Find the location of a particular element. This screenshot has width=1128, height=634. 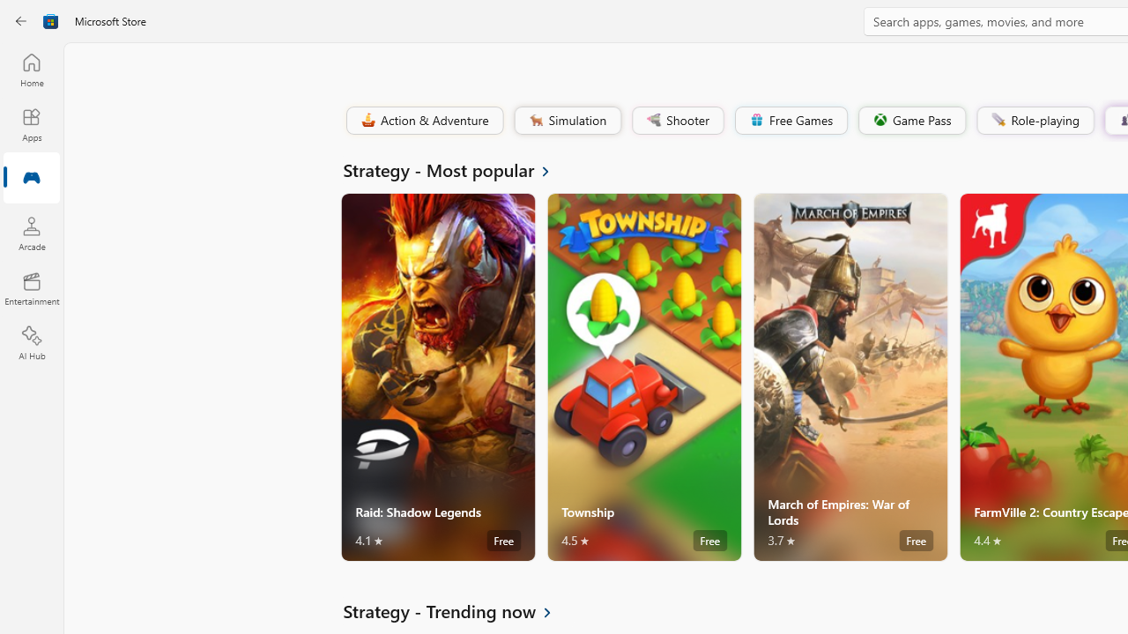

'Home' is located at coordinates (31, 69).